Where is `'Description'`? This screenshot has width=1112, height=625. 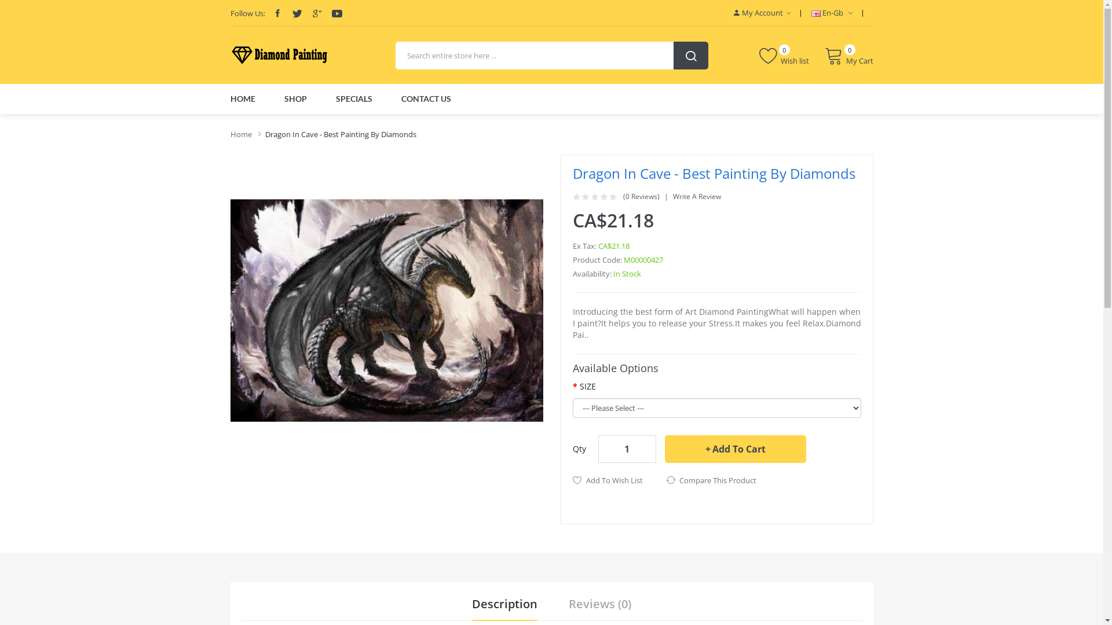 'Description' is located at coordinates (504, 604).